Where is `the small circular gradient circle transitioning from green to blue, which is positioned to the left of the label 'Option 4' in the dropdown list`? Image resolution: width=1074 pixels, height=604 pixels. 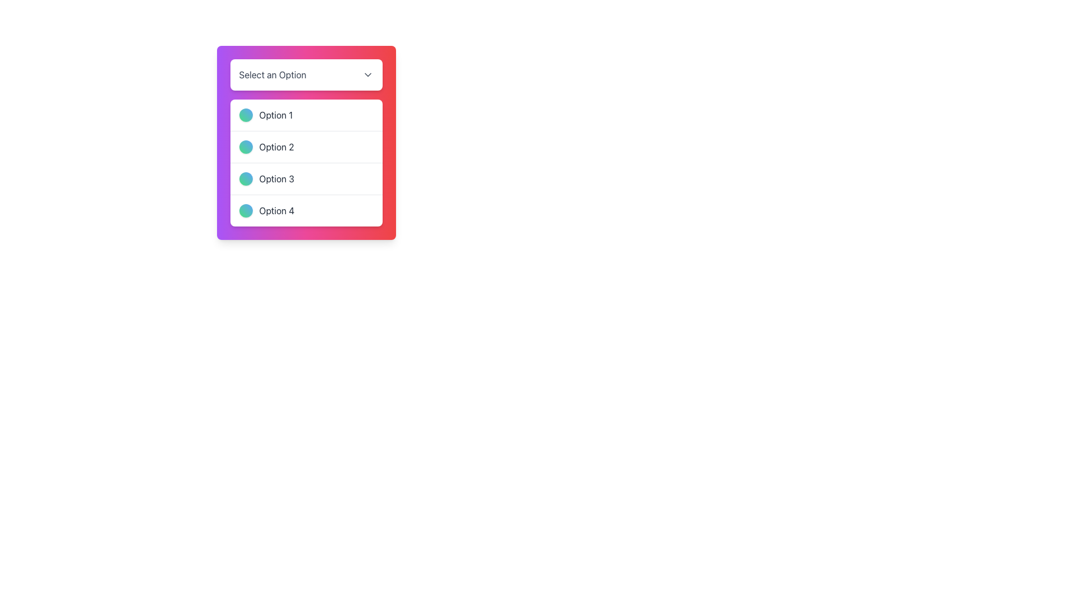 the small circular gradient circle transitioning from green to blue, which is positioned to the left of the label 'Option 4' in the dropdown list is located at coordinates (245, 211).